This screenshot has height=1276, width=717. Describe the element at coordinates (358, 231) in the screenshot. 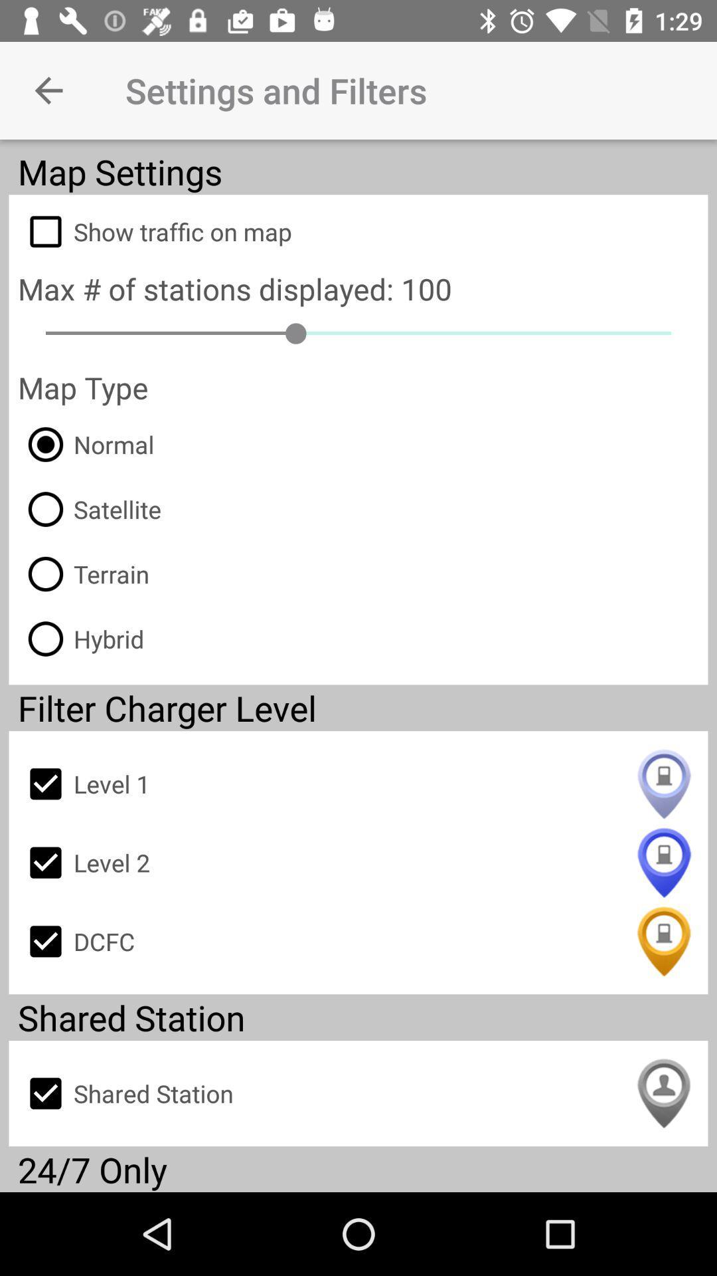

I see `show traffic on` at that location.